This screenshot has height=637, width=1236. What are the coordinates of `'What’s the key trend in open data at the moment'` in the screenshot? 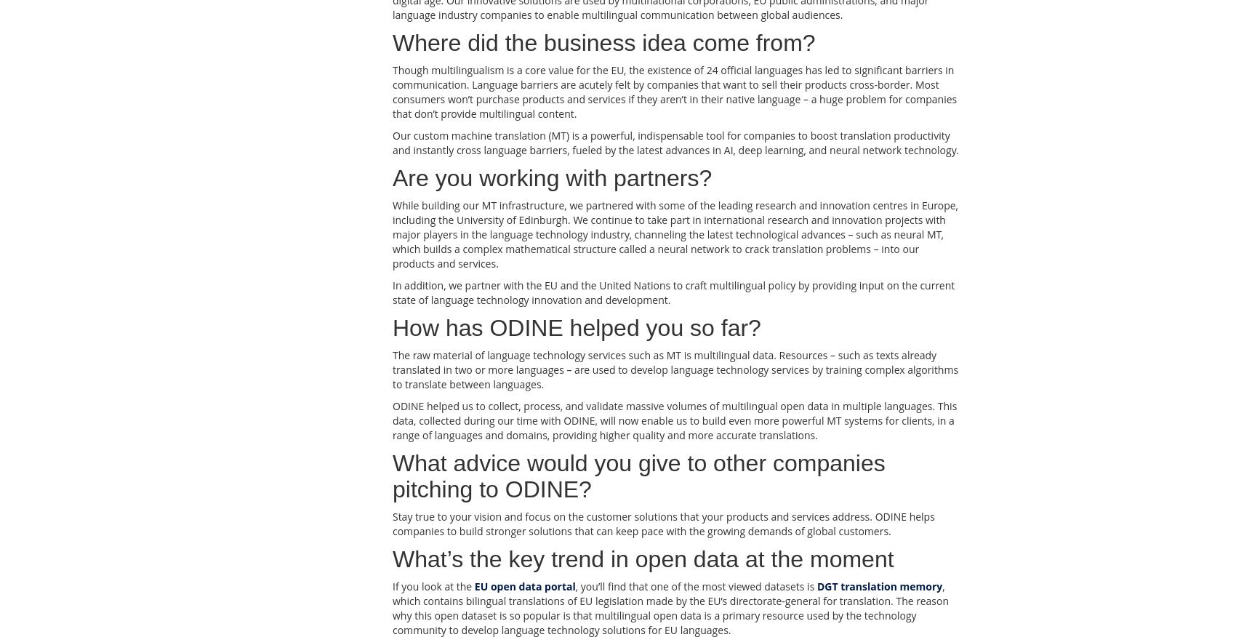 It's located at (643, 558).